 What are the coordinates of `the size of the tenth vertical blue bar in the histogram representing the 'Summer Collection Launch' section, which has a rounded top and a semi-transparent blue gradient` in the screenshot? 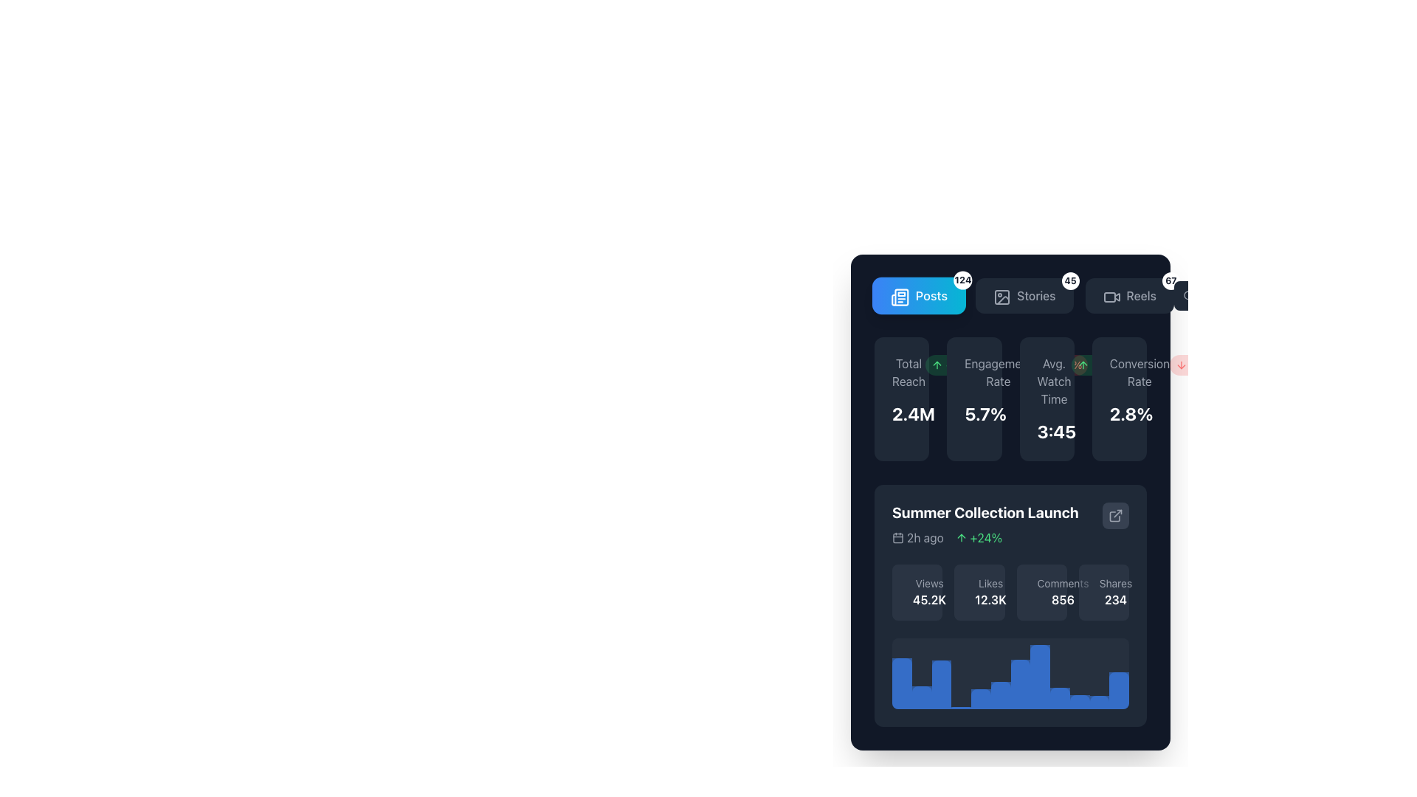 It's located at (1080, 701).